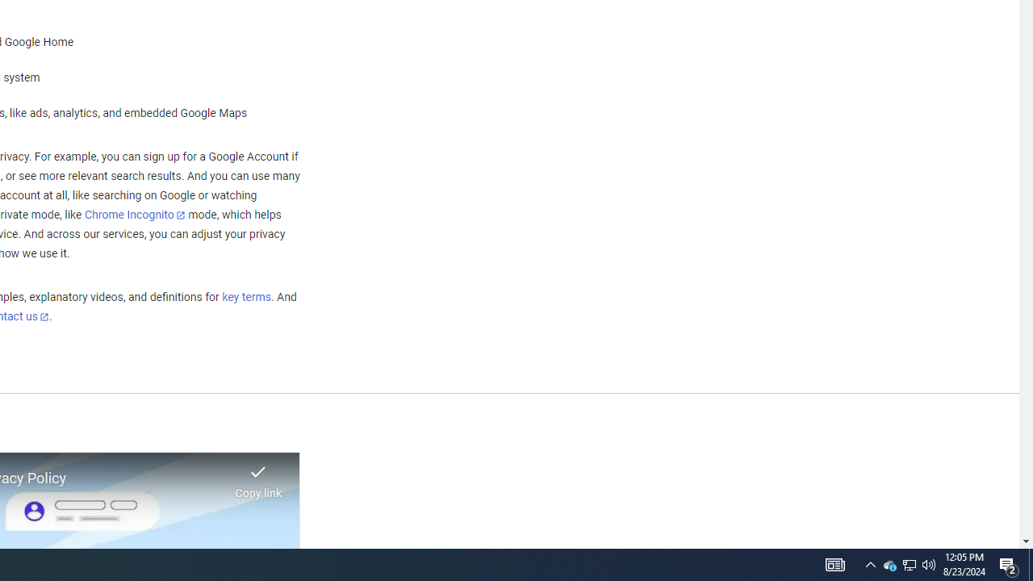 The height and width of the screenshot is (581, 1033). I want to click on 'Chrome Incognito', so click(135, 214).